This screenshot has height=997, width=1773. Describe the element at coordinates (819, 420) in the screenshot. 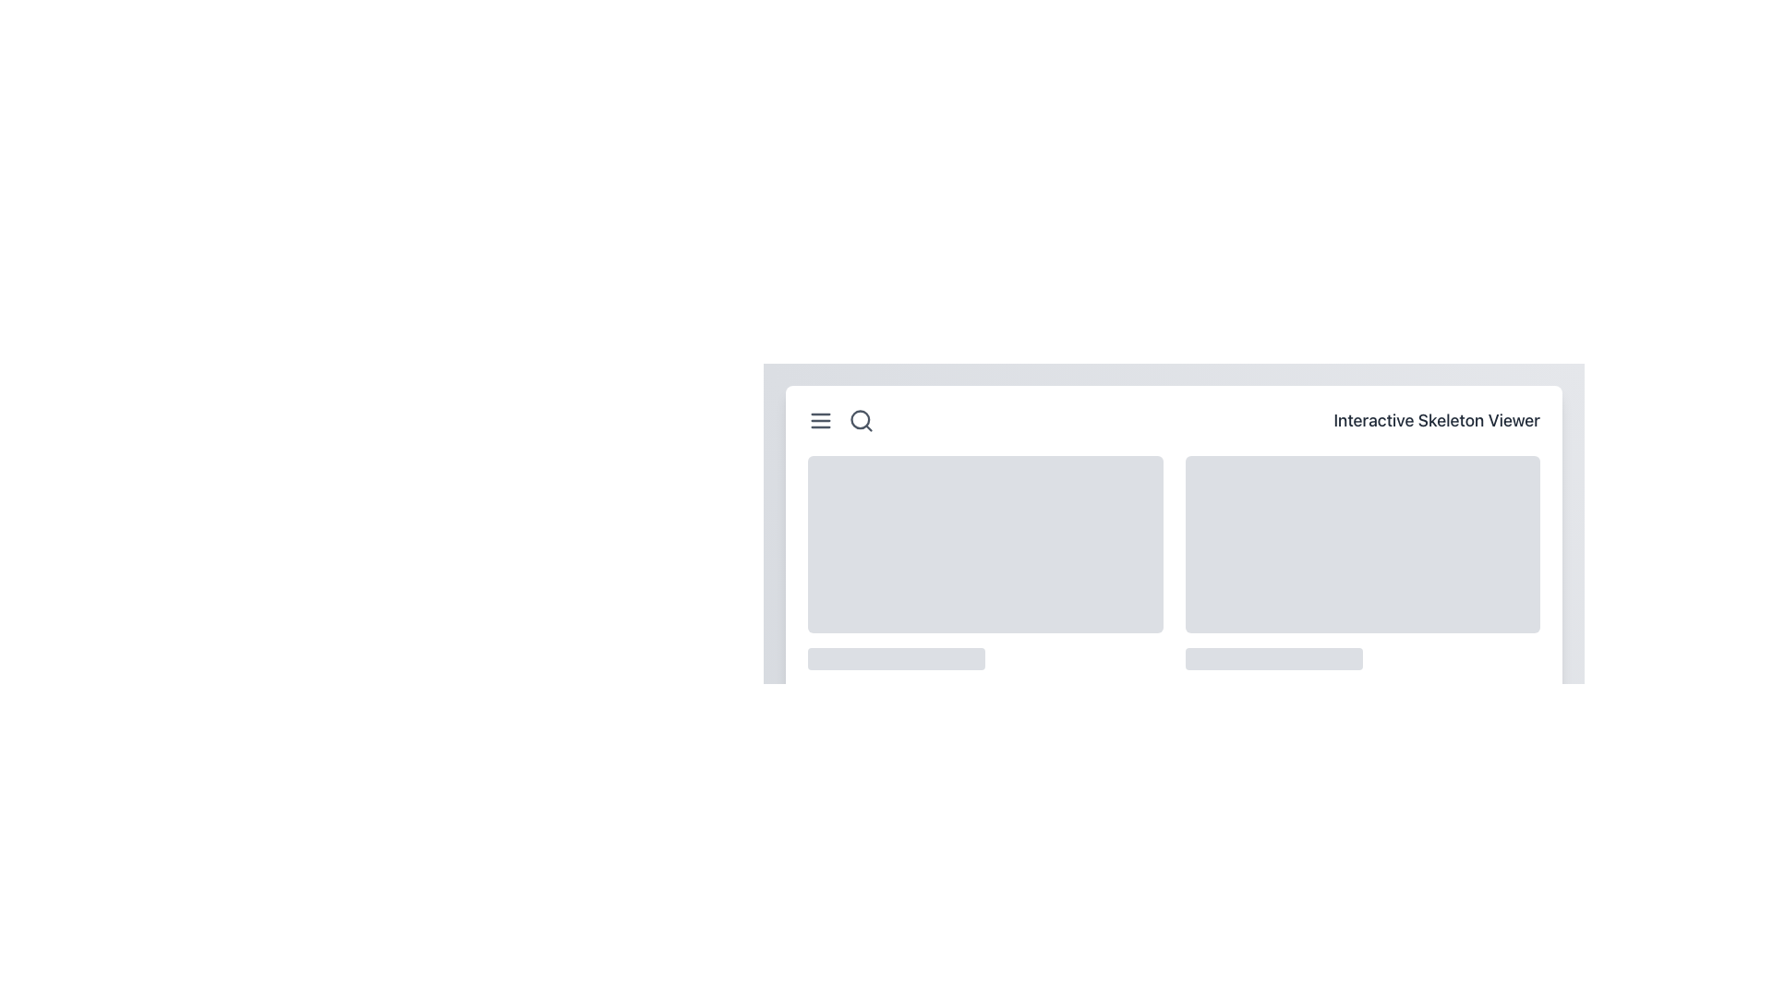

I see `the toggle menu icon located at the top-left corner of the interface` at that location.